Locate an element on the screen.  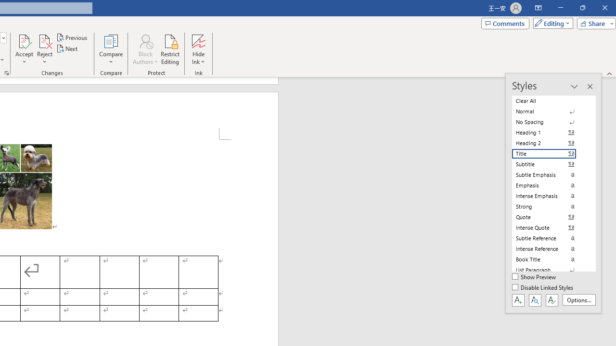
'Show Preview' is located at coordinates (534, 277).